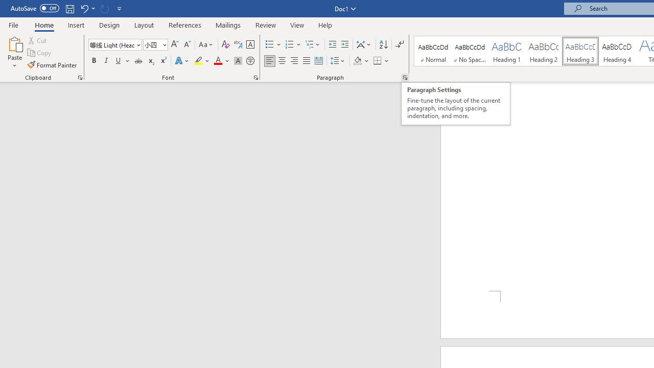  Describe the element at coordinates (225, 44) in the screenshot. I see `'Clear Formatting'` at that location.